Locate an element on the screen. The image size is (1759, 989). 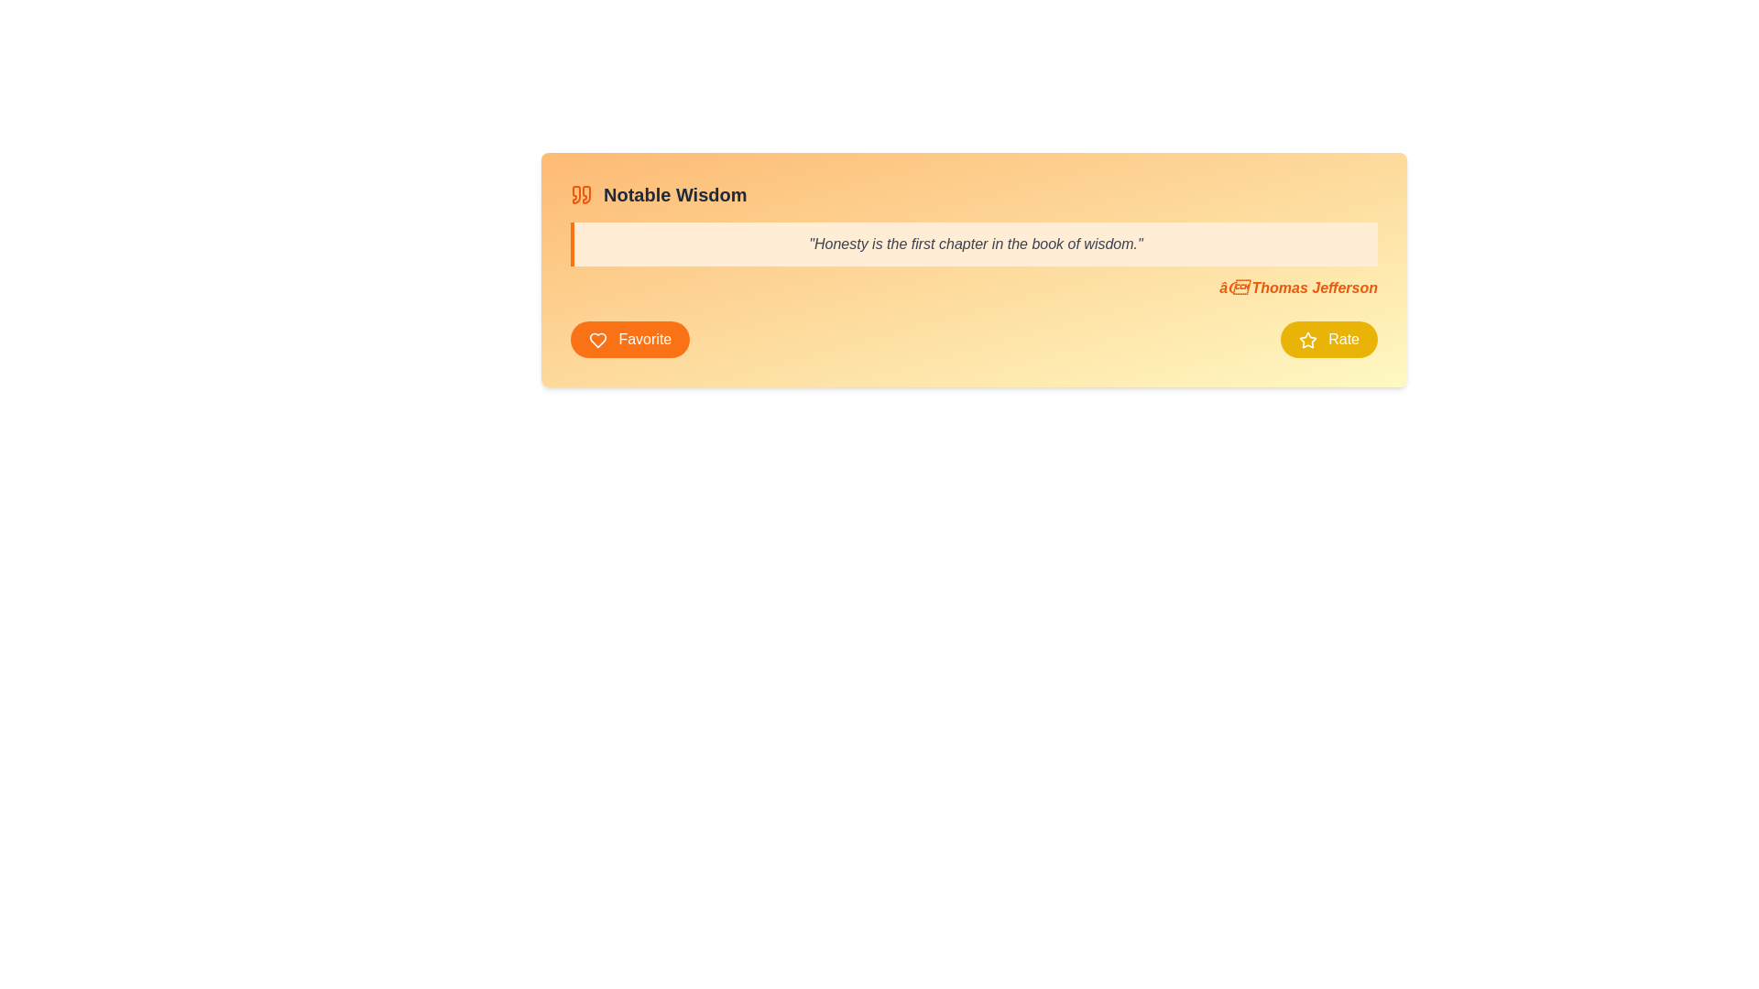
the Text Display Area that displays a notable quote, which is centrally aligned below the header 'Notable Wisdom' and above the attribution '— Thomas Jefferson.' is located at coordinates (973, 243).